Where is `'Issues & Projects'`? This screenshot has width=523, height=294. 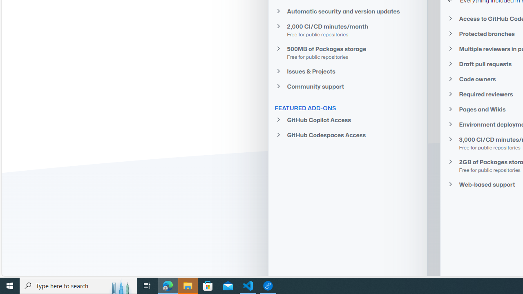
'Issues & Projects' is located at coordinates (348, 71).